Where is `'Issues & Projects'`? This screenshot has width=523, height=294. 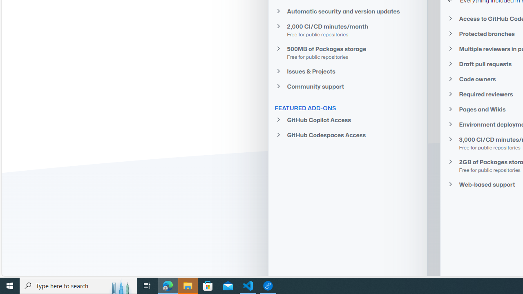
'Issues & Projects' is located at coordinates (348, 71).